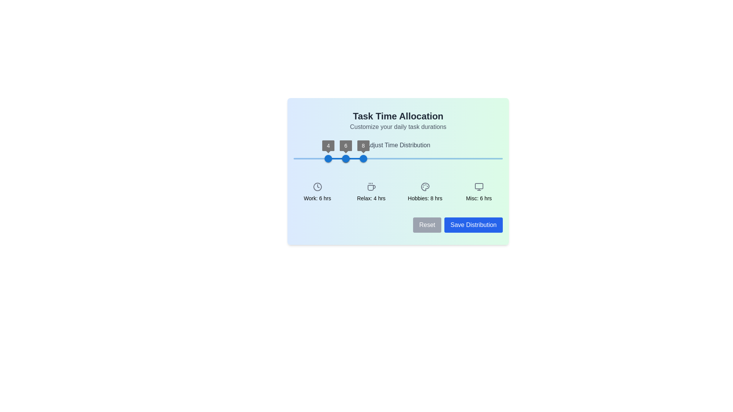 The height and width of the screenshot is (412, 733). What do you see at coordinates (346, 145) in the screenshot?
I see `the value indicator for the slider, which displays the numerical value '6' and is located under the heading 'Task Time Allocation'` at bounding box center [346, 145].